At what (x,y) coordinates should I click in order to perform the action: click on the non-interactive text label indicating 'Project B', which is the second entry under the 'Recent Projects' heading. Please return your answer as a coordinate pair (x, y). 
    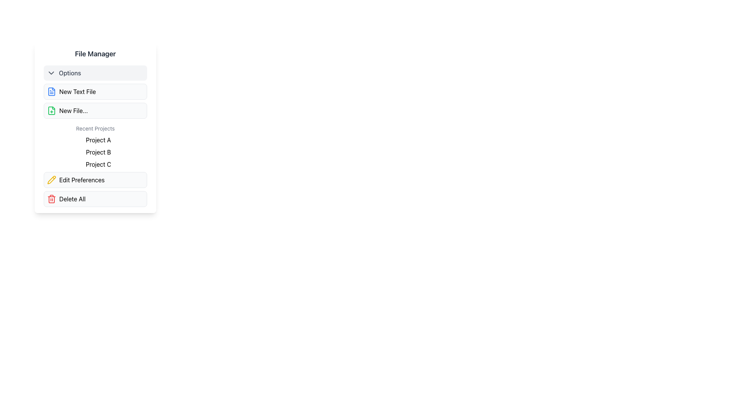
    Looking at the image, I should click on (95, 152).